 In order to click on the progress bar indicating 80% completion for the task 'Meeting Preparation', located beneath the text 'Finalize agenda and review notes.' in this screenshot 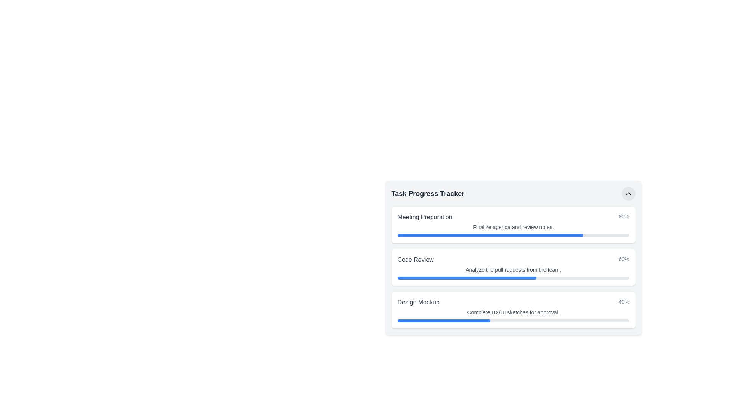, I will do `click(513, 235)`.